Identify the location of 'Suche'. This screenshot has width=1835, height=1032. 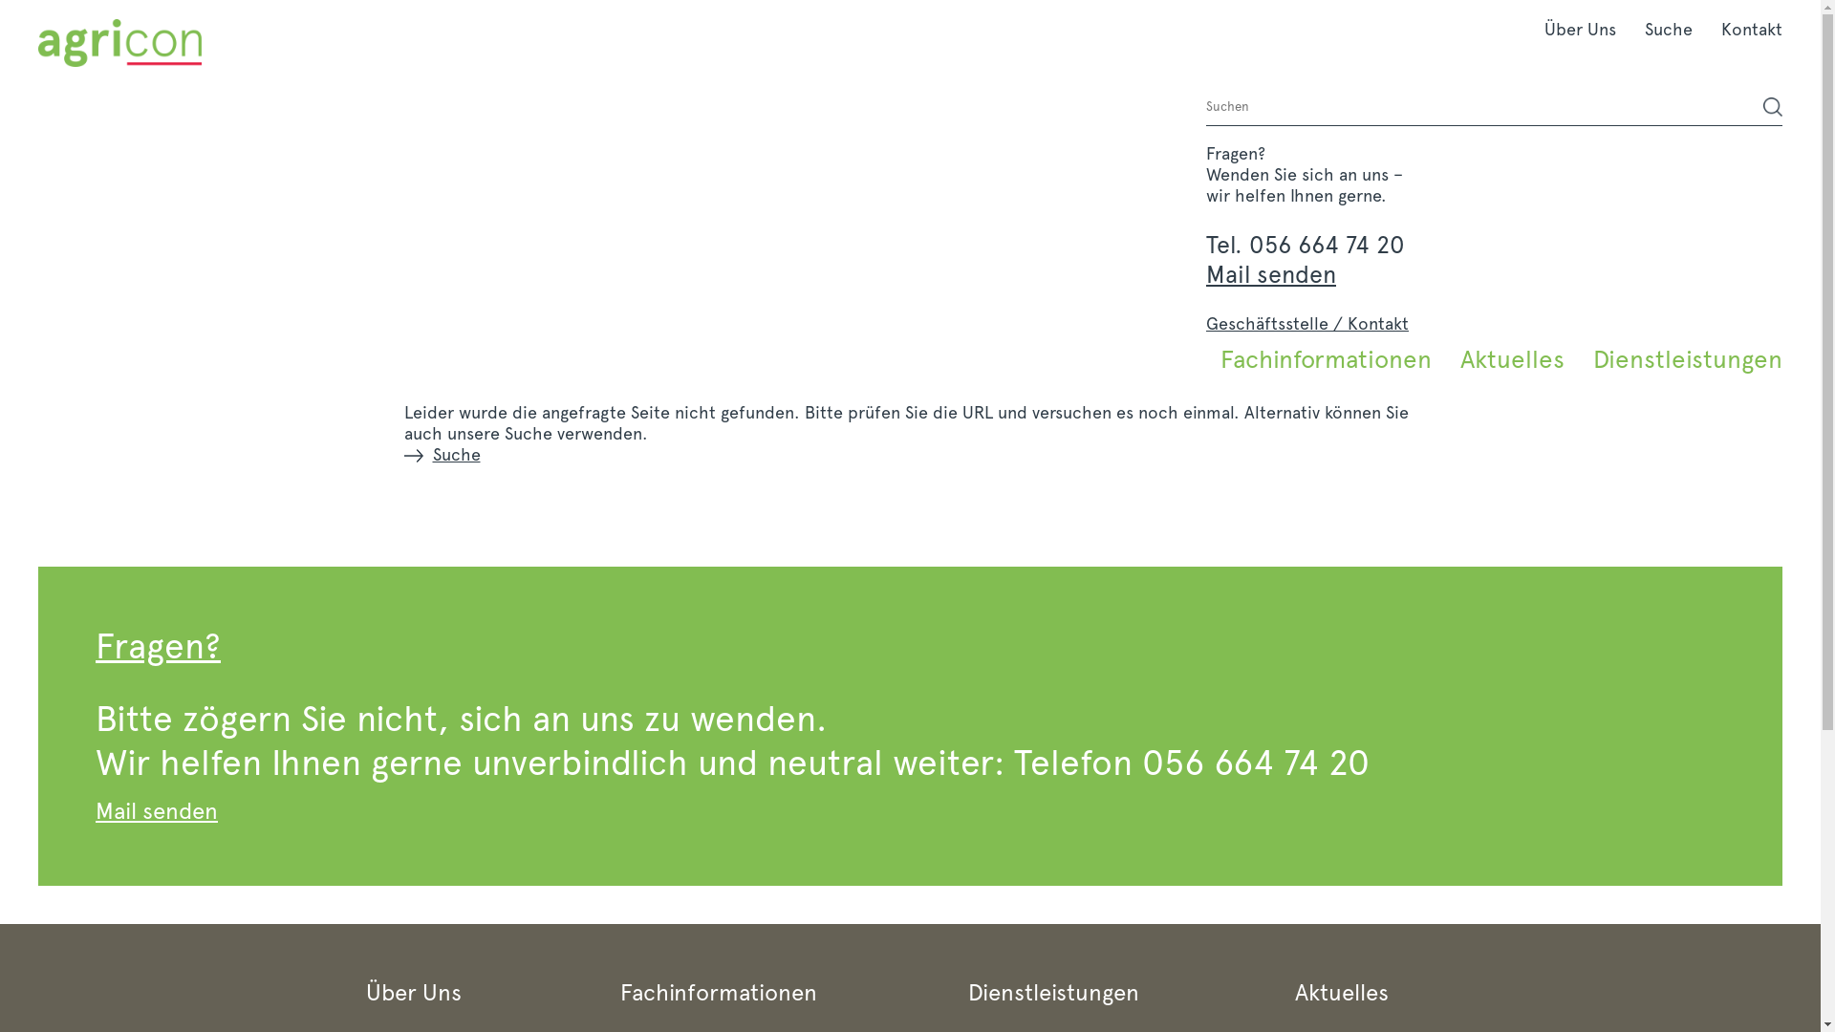
(1668, 29).